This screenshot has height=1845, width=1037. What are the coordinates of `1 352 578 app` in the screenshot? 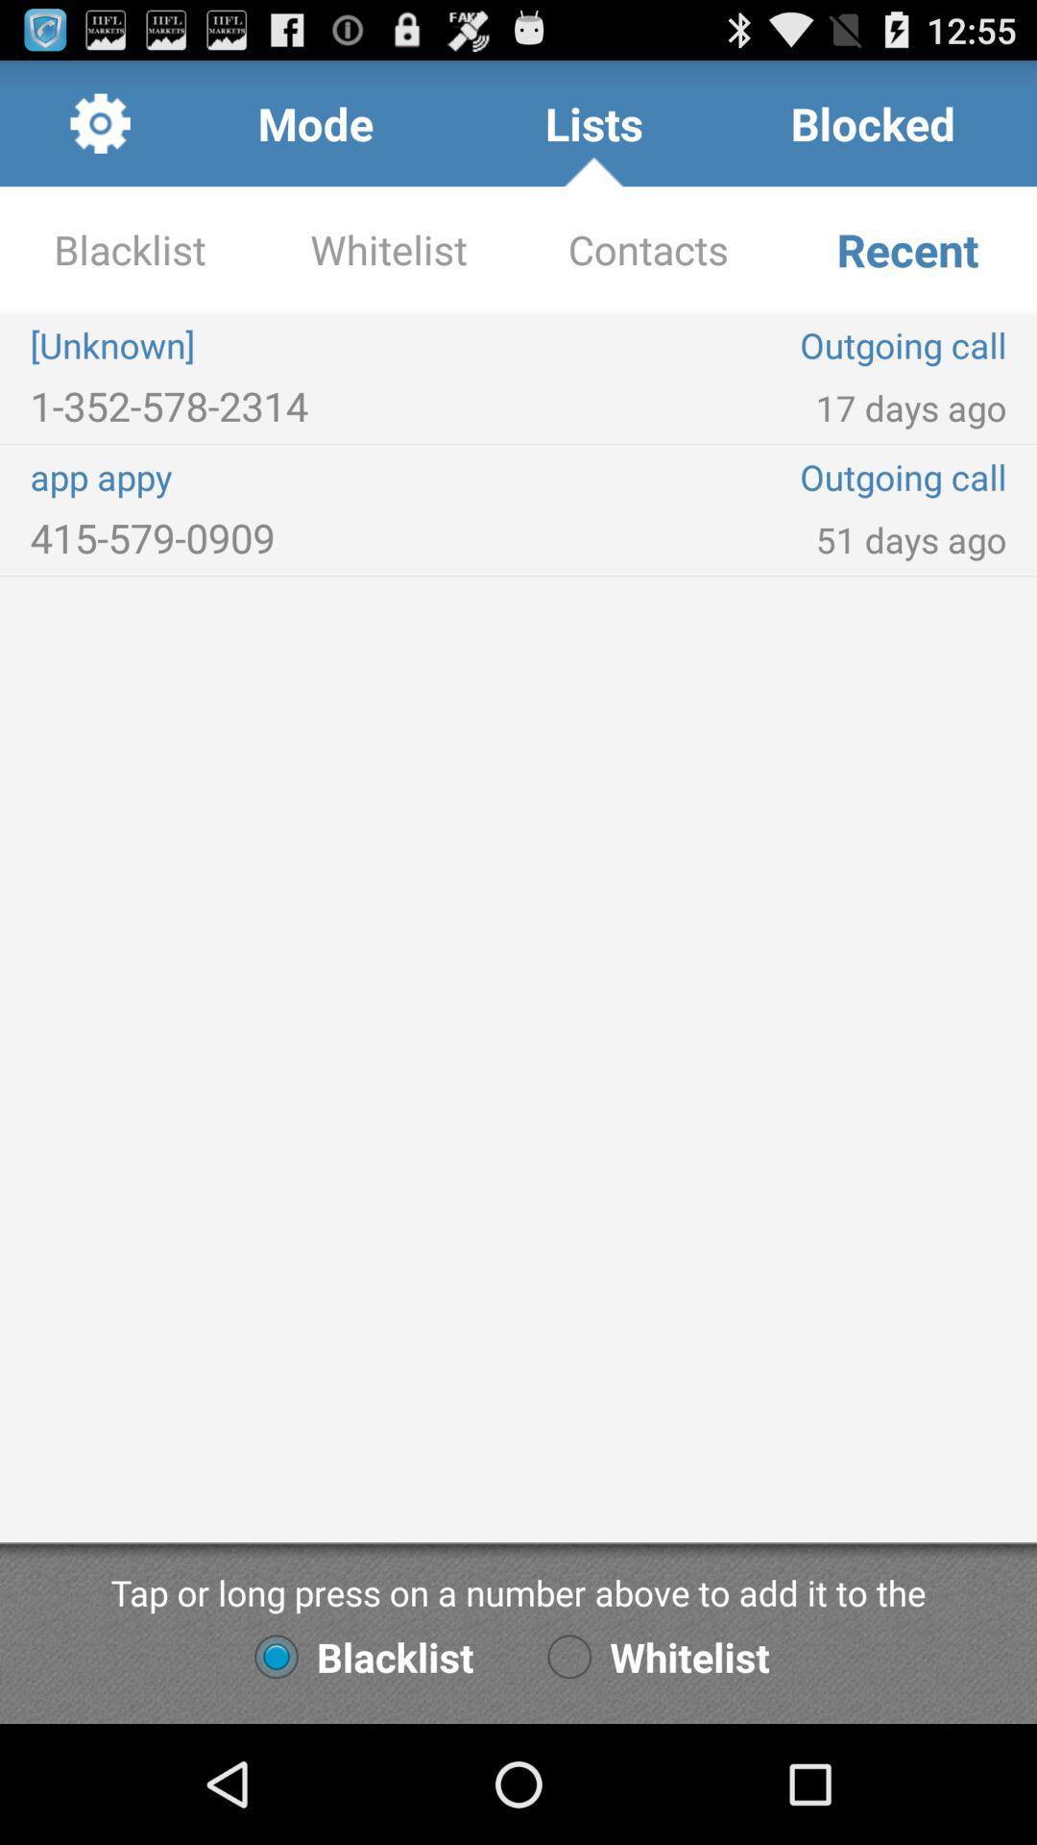 It's located at (274, 405).